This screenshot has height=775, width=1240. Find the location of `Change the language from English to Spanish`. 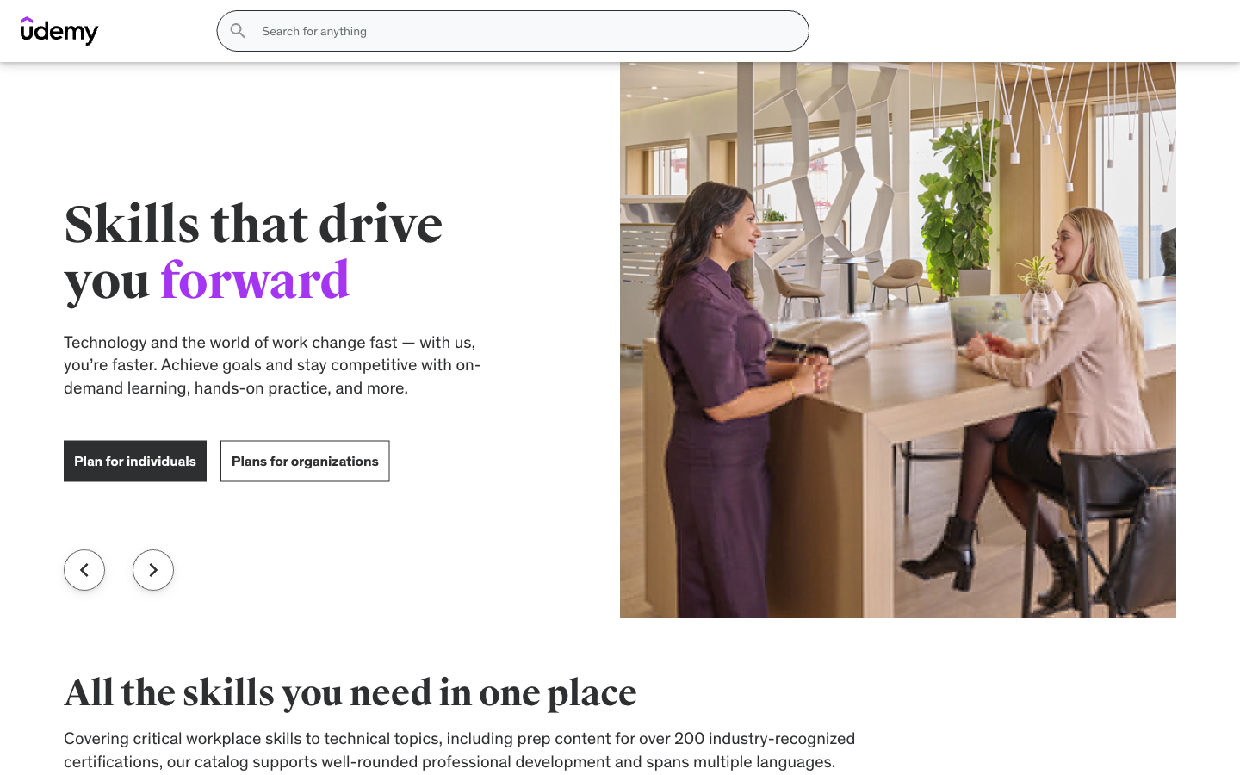

Change the language from English to Spanish is located at coordinates (1169, 51).